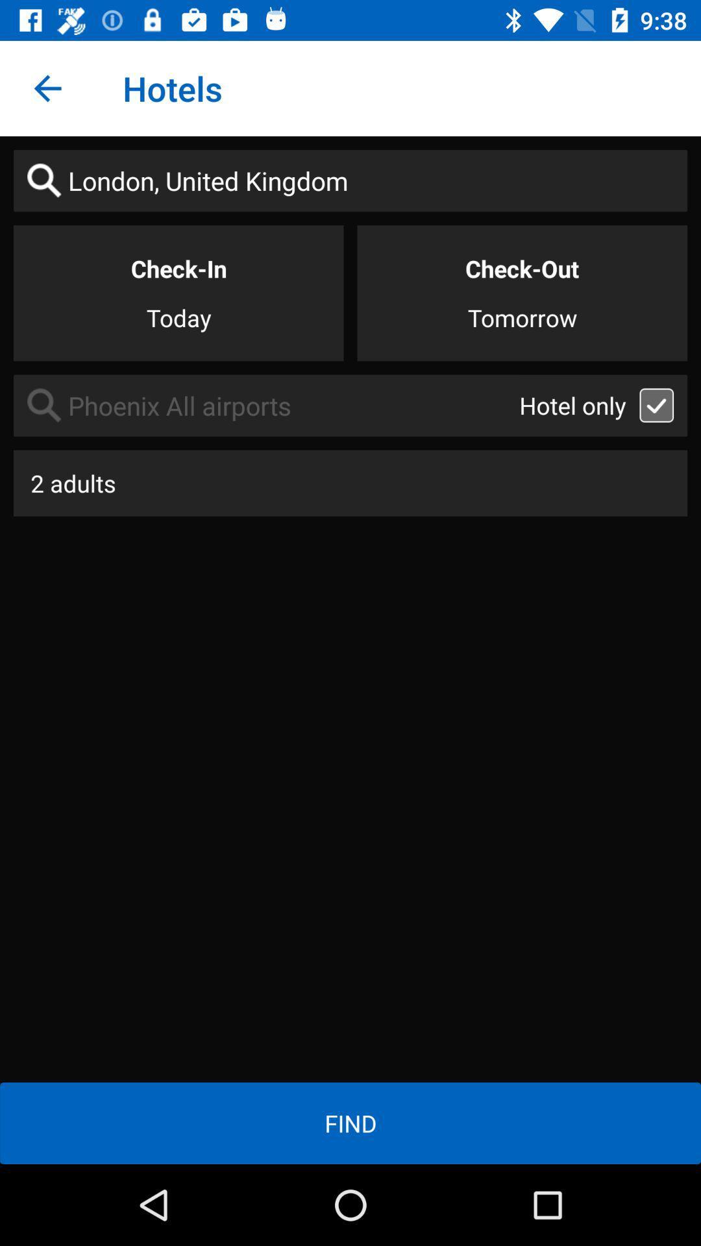  Describe the element at coordinates (350, 1123) in the screenshot. I see `icon below the 2 adults icon` at that location.